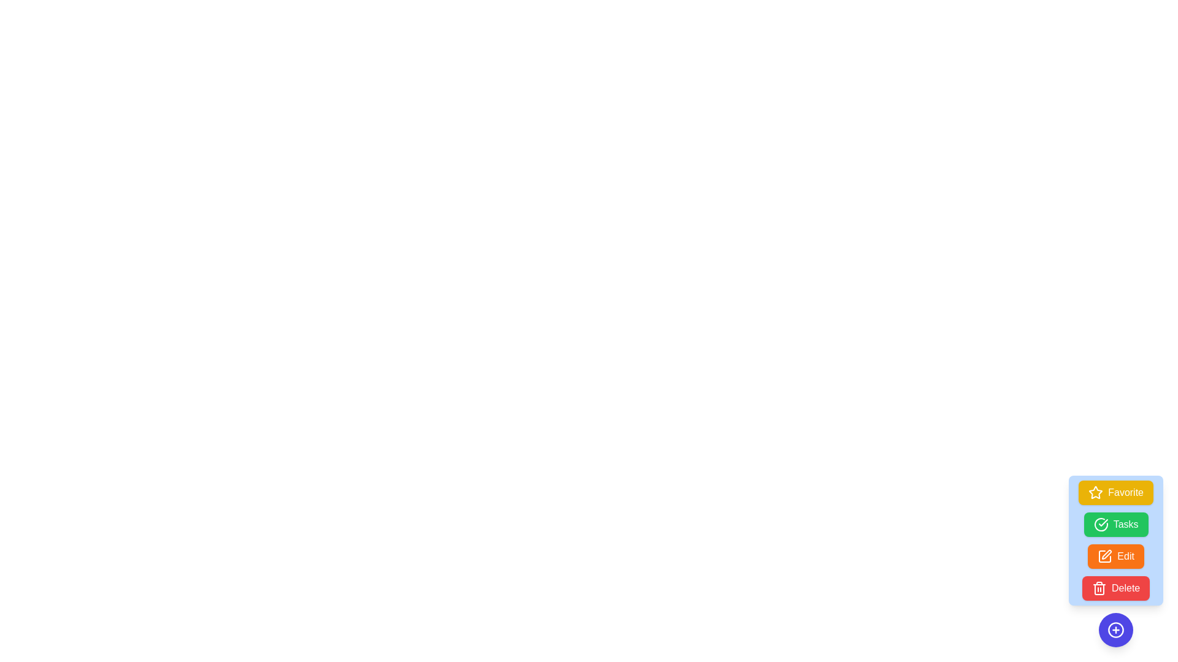 Image resolution: width=1178 pixels, height=662 pixels. Describe the element at coordinates (1101, 524) in the screenshot. I see `the success icon located within the 'Tasks' button, which is positioned in the second row between the 'Favorite' button above and the 'Edit' button below` at that location.